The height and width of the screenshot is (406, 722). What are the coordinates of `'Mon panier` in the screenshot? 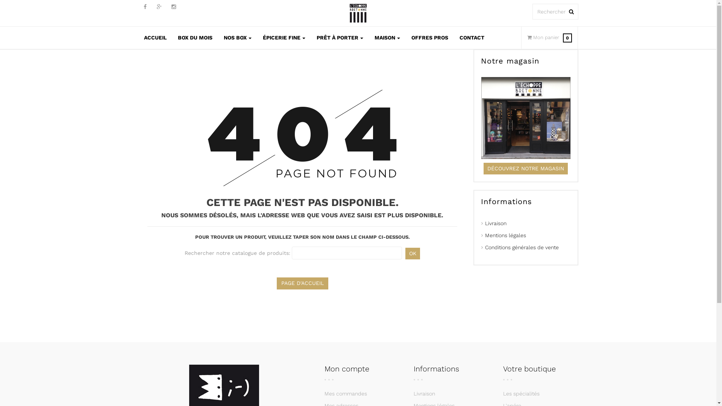 It's located at (563, 38).